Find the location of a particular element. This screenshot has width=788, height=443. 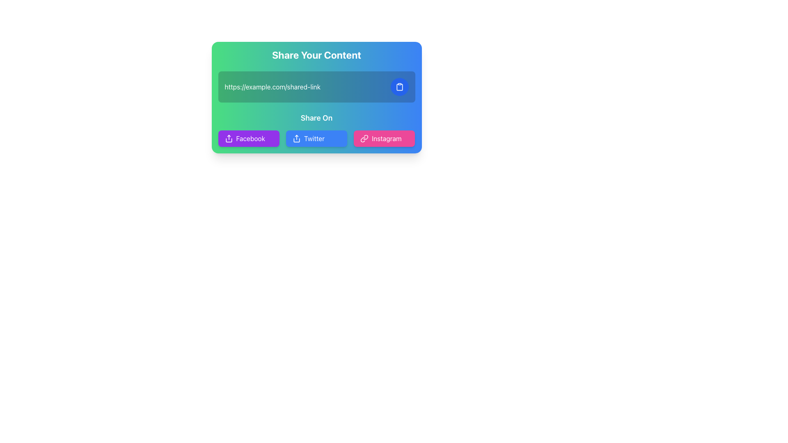

the 'Share On' header and the interactive buttons of the sharing interface located within the Composite component below the text entry box is located at coordinates (316, 129).